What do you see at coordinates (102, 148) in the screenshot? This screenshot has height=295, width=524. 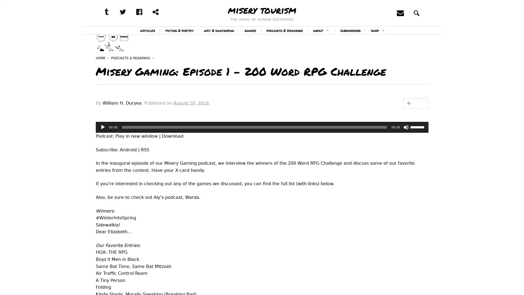 I see `Play` at bounding box center [102, 148].